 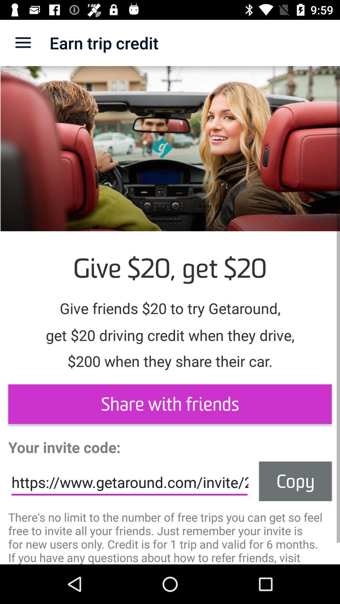 What do you see at coordinates (129, 482) in the screenshot?
I see `the https www getaround item` at bounding box center [129, 482].